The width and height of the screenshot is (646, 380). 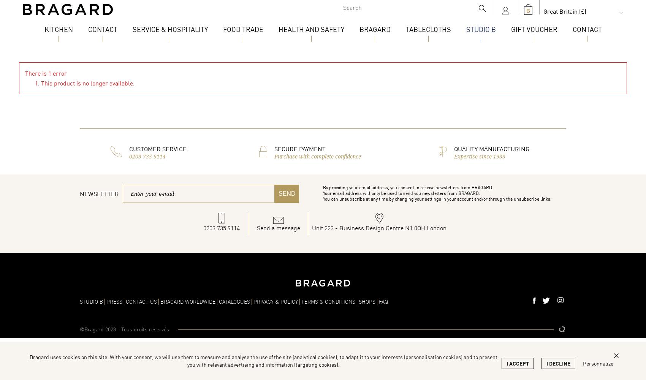 I want to click on 'Food Trade', so click(x=243, y=29).